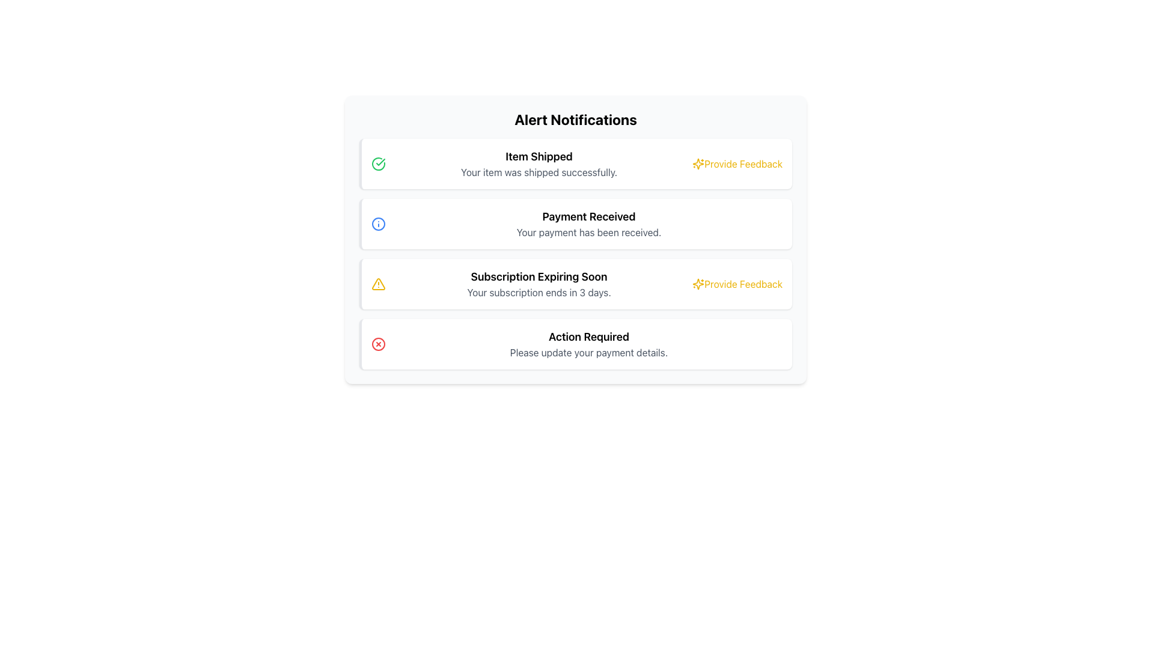 This screenshot has width=1154, height=649. What do you see at coordinates (377, 164) in the screenshot?
I see `the circular outline of the green checkmark icon that indicates the status of the notification as successfully shipped, located to the left of the 'Item Shipped' notification text` at bounding box center [377, 164].